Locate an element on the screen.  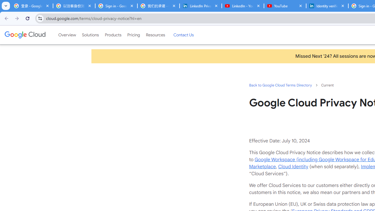
'LinkedIn - YouTube' is located at coordinates (243, 6).